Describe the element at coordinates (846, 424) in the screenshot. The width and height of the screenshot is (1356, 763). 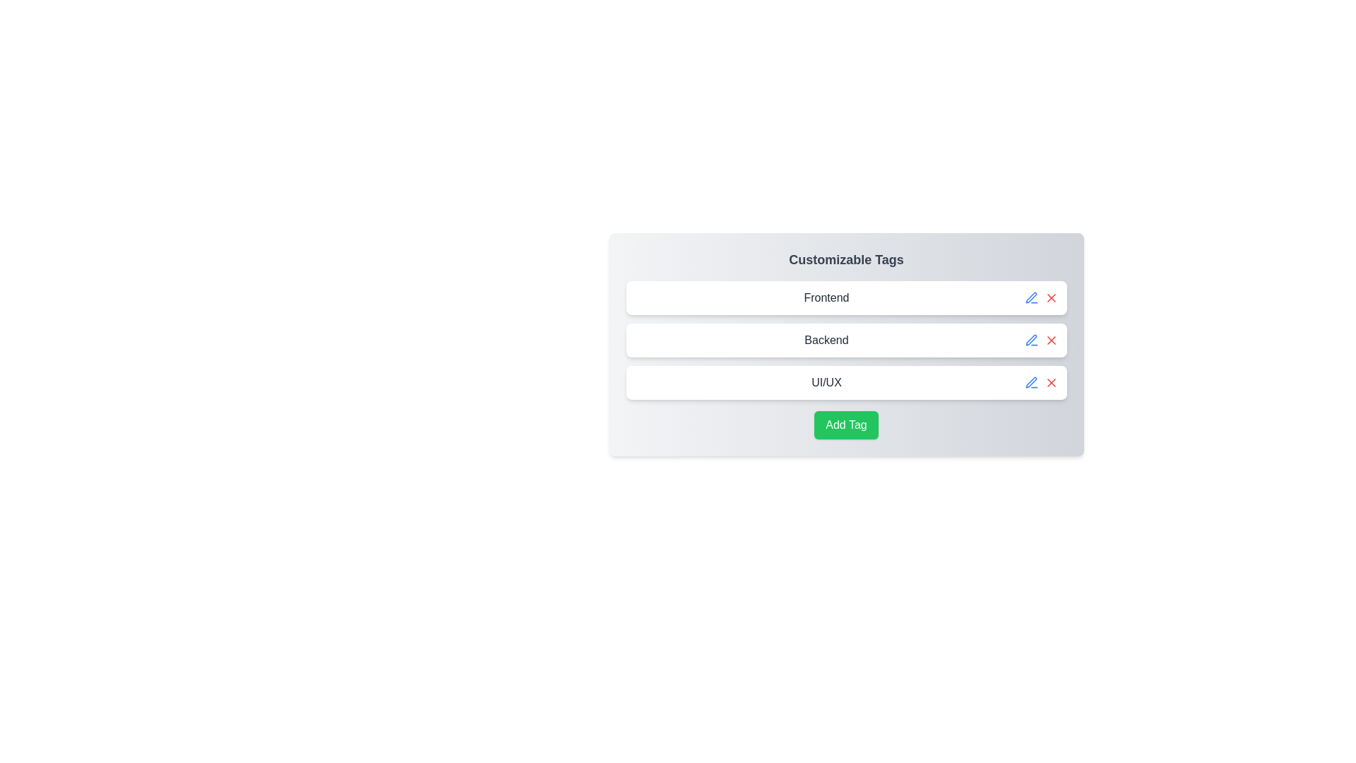
I see `the 'Add Tag' button to add a new tag` at that location.